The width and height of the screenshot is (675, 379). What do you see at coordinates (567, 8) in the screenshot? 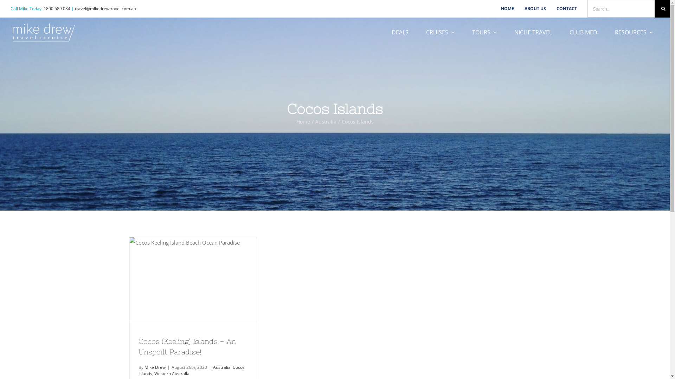
I see `'CONTACT'` at bounding box center [567, 8].